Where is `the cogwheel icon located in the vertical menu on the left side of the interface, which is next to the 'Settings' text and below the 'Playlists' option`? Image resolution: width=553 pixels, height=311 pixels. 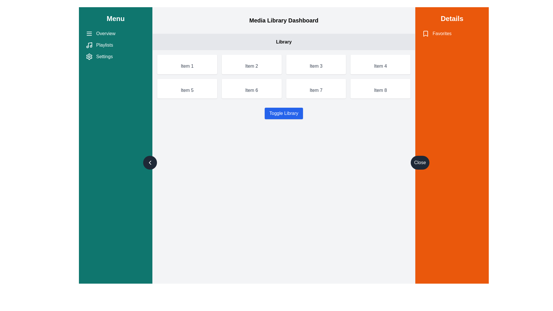 the cogwheel icon located in the vertical menu on the left side of the interface, which is next to the 'Settings' text and below the 'Playlists' option is located at coordinates (89, 56).